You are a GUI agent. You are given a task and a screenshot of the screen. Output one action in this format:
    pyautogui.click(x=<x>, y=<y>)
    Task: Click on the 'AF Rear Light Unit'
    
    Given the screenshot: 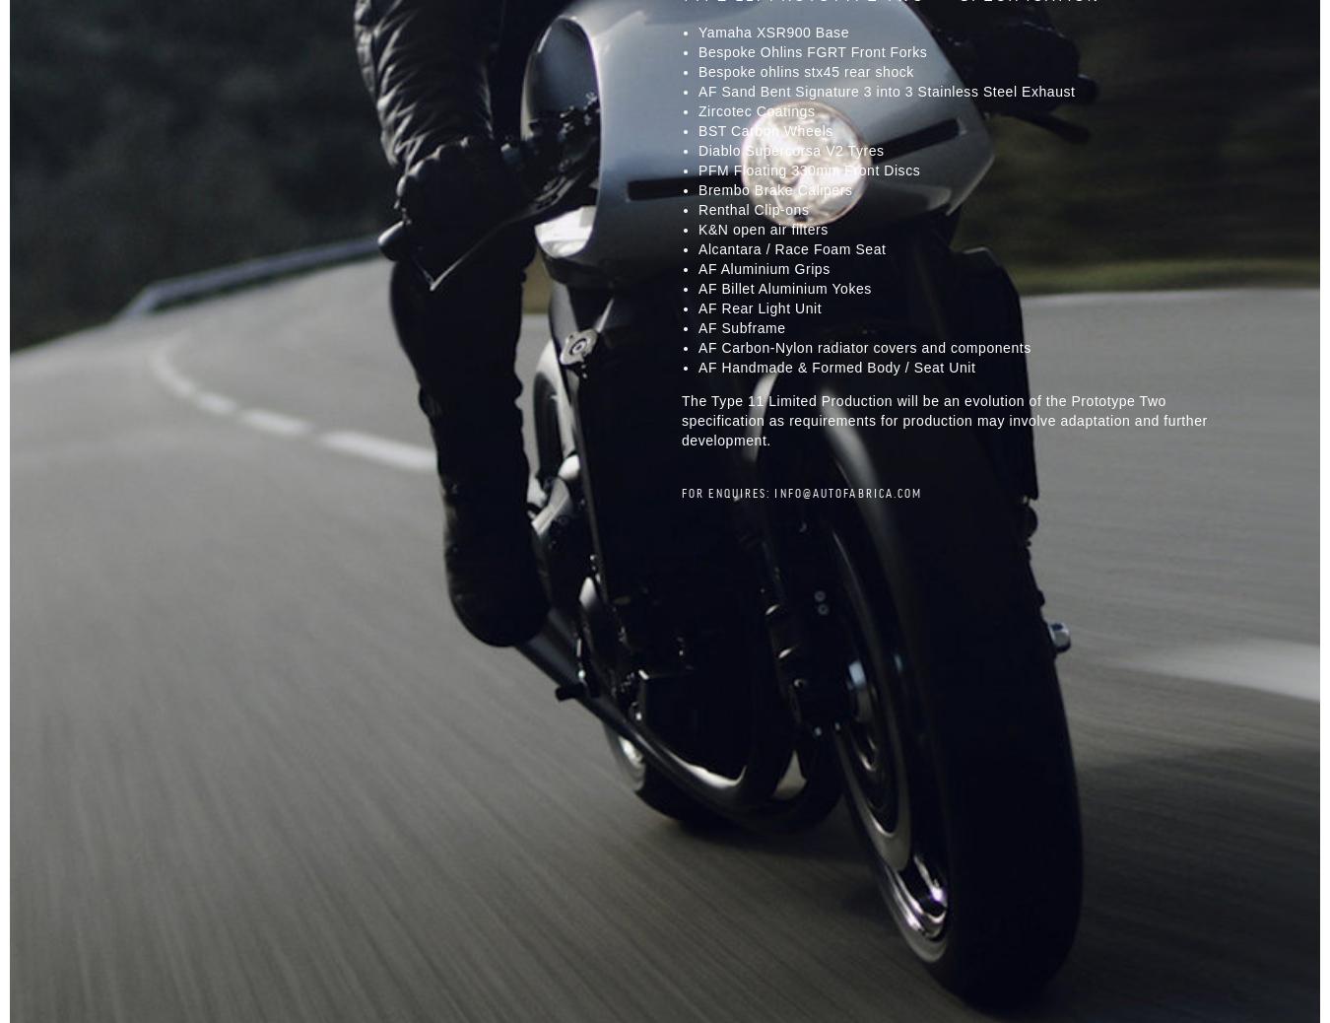 What is the action you would take?
    pyautogui.click(x=759, y=307)
    